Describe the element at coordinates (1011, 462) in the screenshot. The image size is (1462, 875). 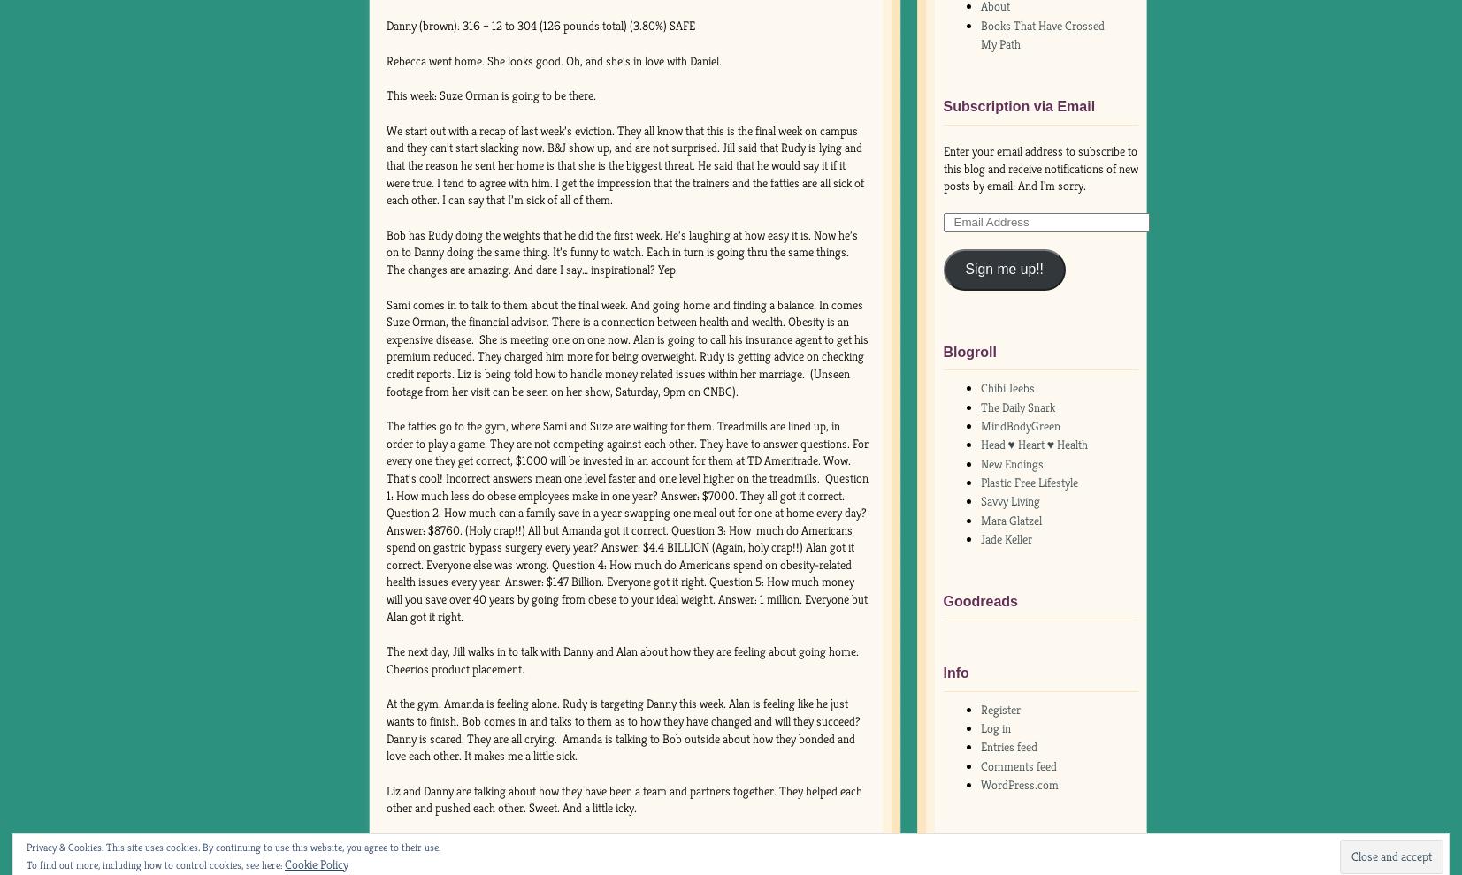
I see `'New Endings'` at that location.